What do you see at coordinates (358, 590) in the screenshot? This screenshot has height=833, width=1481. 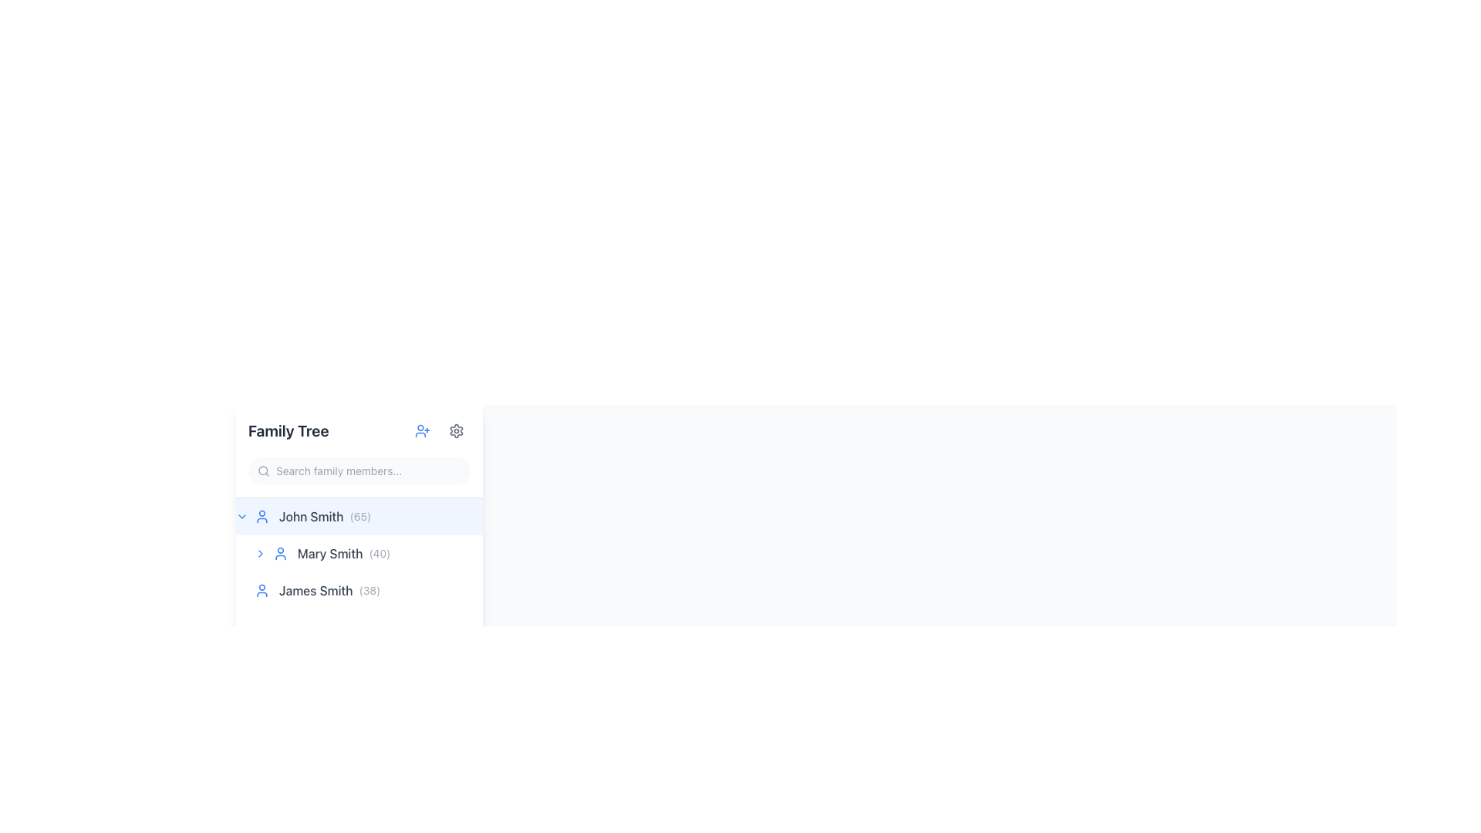 I see `the second list item displaying 'James Smith (38)' in the family tree UI` at bounding box center [358, 590].